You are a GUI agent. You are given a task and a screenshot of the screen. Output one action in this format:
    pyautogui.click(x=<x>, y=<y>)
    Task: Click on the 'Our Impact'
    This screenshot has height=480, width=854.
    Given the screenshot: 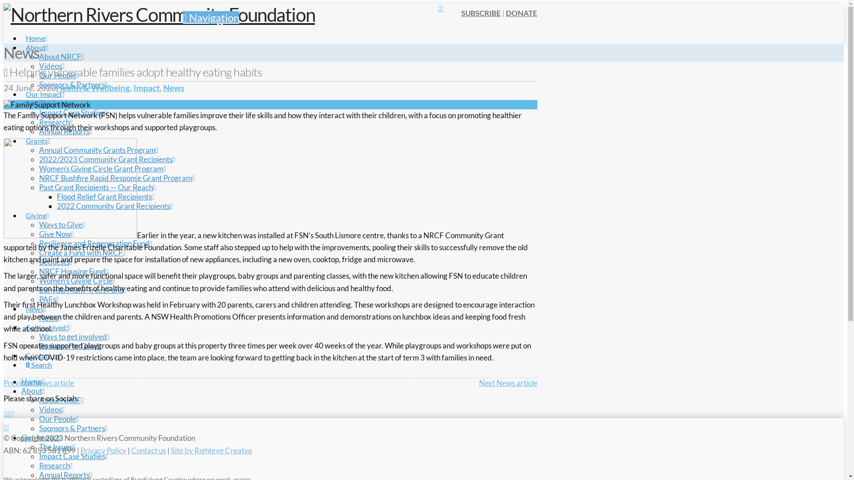 What is the action you would take?
    pyautogui.click(x=44, y=85)
    